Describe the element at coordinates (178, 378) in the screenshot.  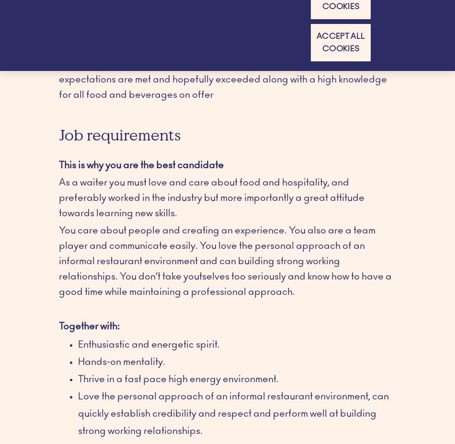
I see `'Thrive in a fast pace high energy environment.'` at that location.